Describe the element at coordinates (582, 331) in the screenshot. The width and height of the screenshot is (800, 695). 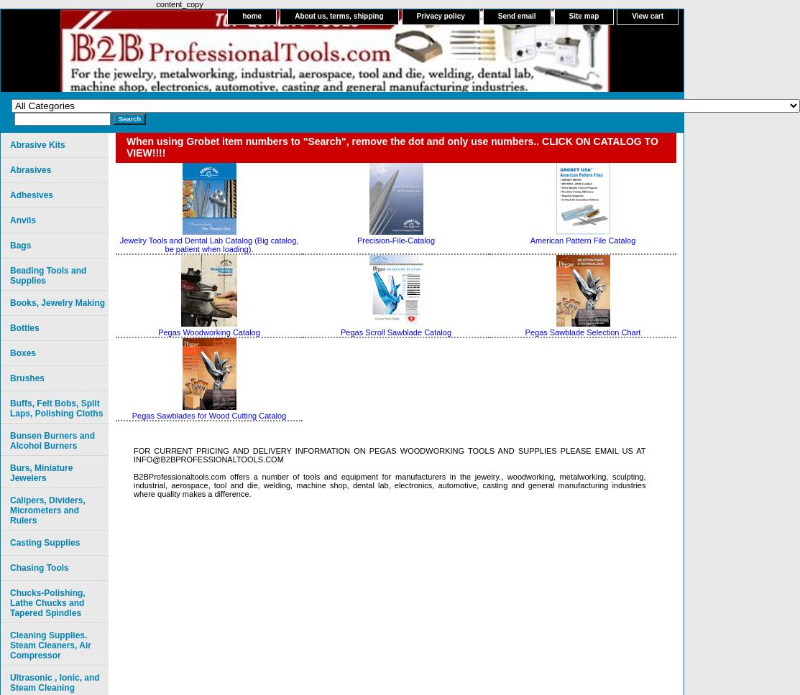
I see `'Pegas Sawblade Selection Chart'` at that location.